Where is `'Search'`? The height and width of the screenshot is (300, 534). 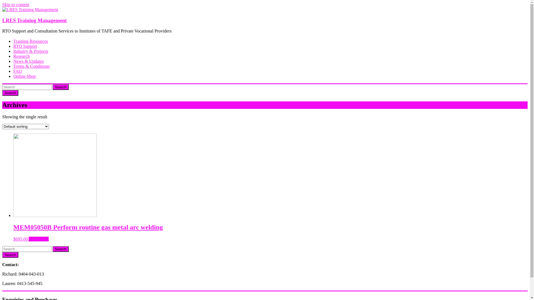 'Search' is located at coordinates (10, 92).